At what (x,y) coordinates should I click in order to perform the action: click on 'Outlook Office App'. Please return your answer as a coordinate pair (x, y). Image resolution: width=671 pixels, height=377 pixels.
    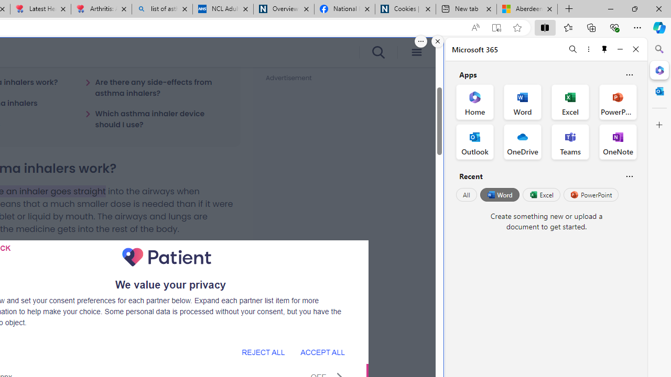
    Looking at the image, I should click on (474, 142).